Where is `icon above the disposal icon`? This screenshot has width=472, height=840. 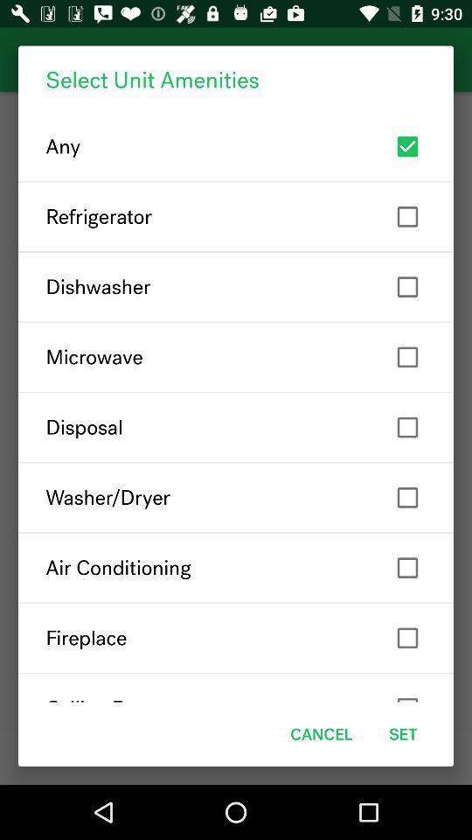 icon above the disposal icon is located at coordinates (236, 356).